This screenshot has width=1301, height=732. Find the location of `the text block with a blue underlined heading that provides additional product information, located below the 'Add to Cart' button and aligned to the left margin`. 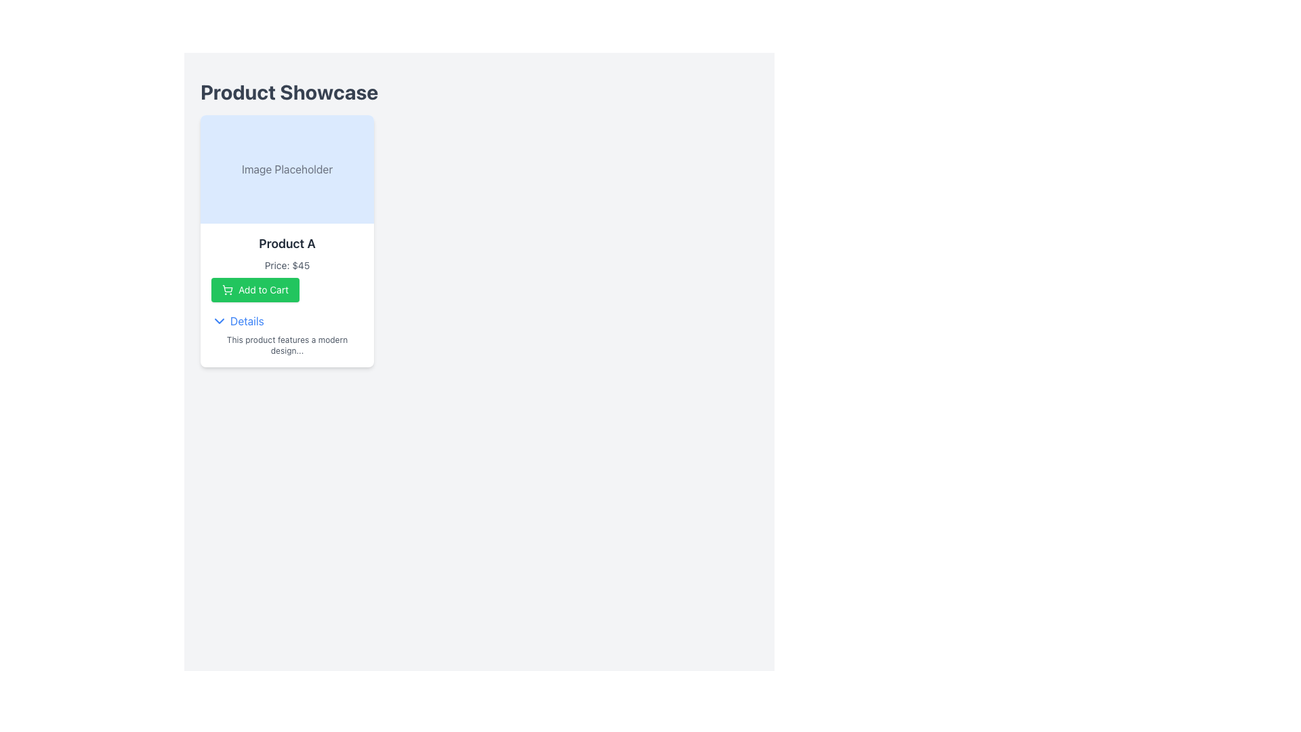

the text block with a blue underlined heading that provides additional product information, located below the 'Add to Cart' button and aligned to the left margin is located at coordinates (286, 331).